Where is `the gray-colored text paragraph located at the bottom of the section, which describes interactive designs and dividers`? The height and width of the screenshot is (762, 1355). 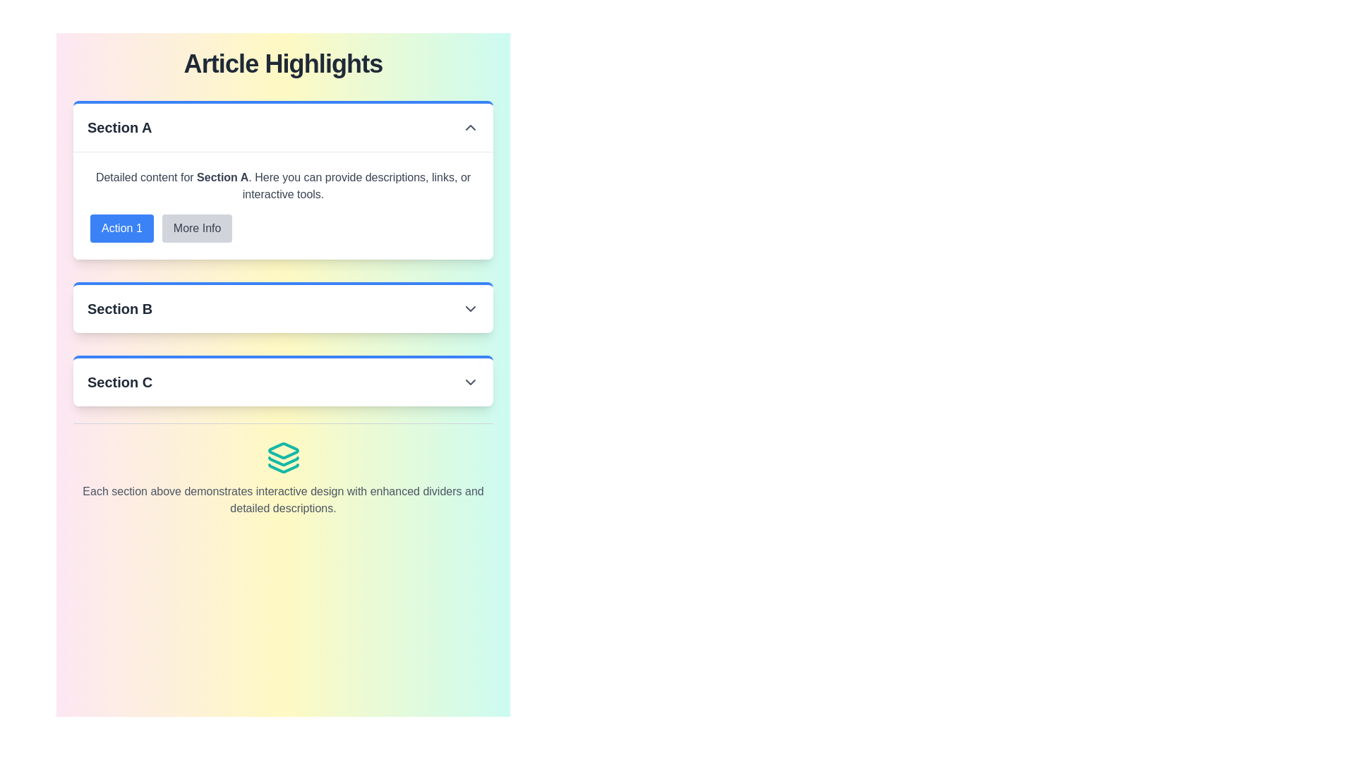 the gray-colored text paragraph located at the bottom of the section, which describes interactive designs and dividers is located at coordinates (282, 500).